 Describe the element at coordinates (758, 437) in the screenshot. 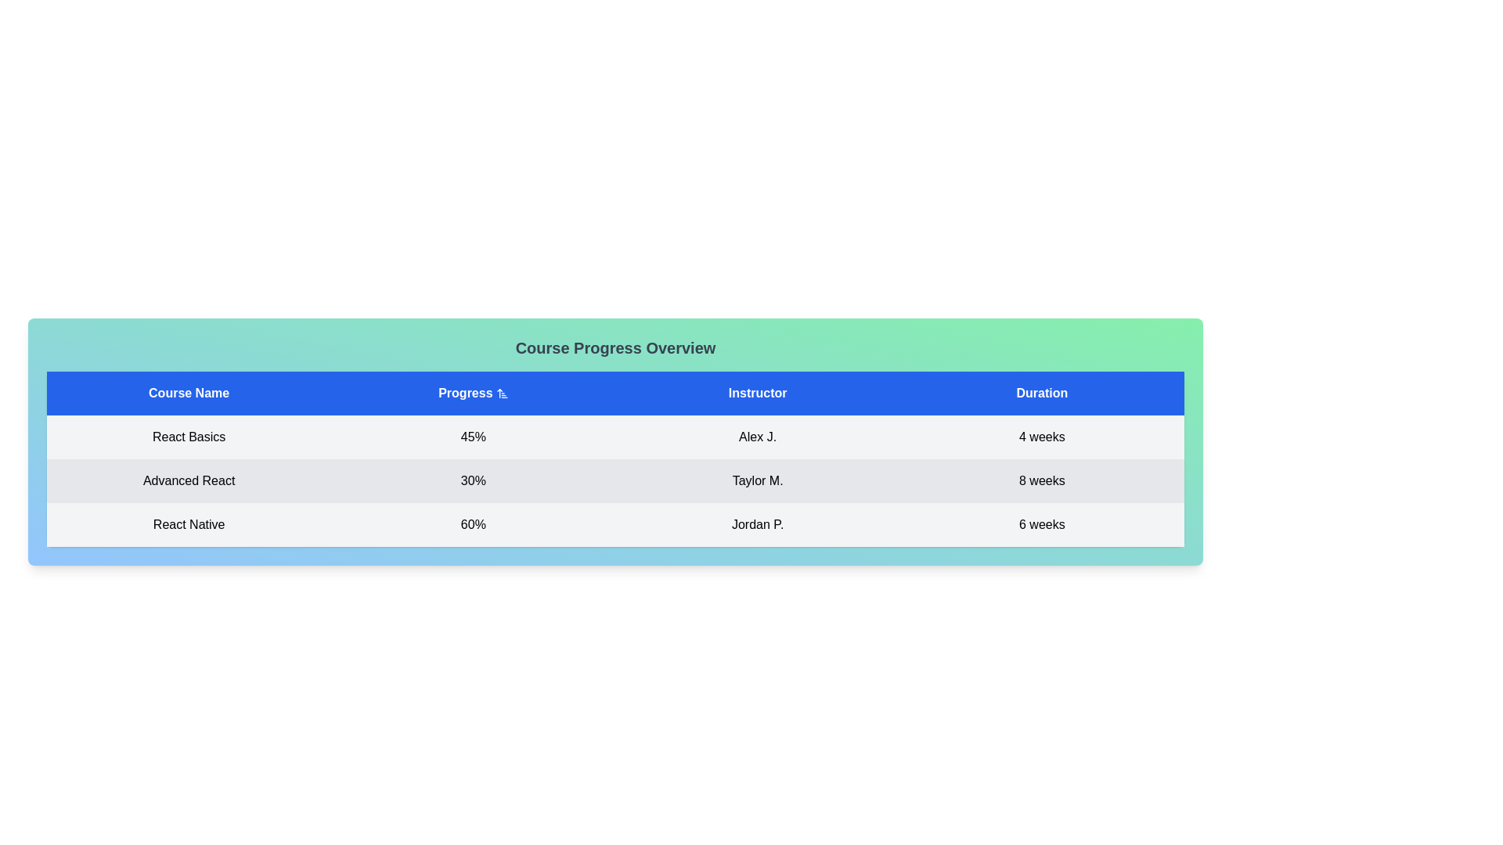

I see `the text label displaying 'Alex J.' in the instructor name column of the 'React Basics' course information table` at that location.